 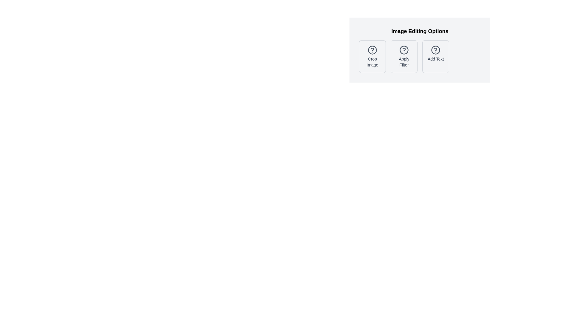 What do you see at coordinates (372, 56) in the screenshot?
I see `the 'Crop Image' button, which is a rectangular button with a question mark icon and the text 'Crop Image' underneath, located in the 'Image Editing Options' section as the leftmost button in a trio` at bounding box center [372, 56].